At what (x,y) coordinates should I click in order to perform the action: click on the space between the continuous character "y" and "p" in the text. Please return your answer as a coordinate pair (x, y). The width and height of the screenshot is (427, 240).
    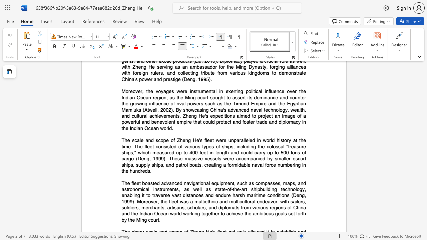
    Looking at the image, I should click on (205, 146).